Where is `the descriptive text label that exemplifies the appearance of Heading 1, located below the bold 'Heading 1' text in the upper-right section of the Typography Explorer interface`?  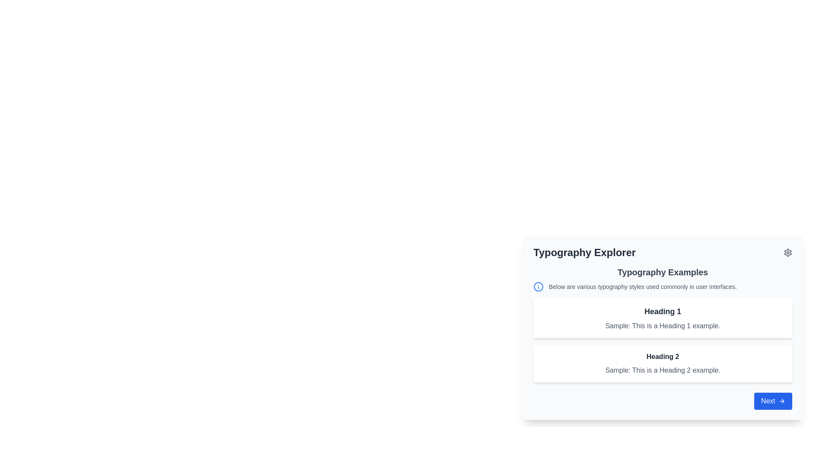
the descriptive text label that exemplifies the appearance of Heading 1, located below the bold 'Heading 1' text in the upper-right section of the Typography Explorer interface is located at coordinates (662, 326).